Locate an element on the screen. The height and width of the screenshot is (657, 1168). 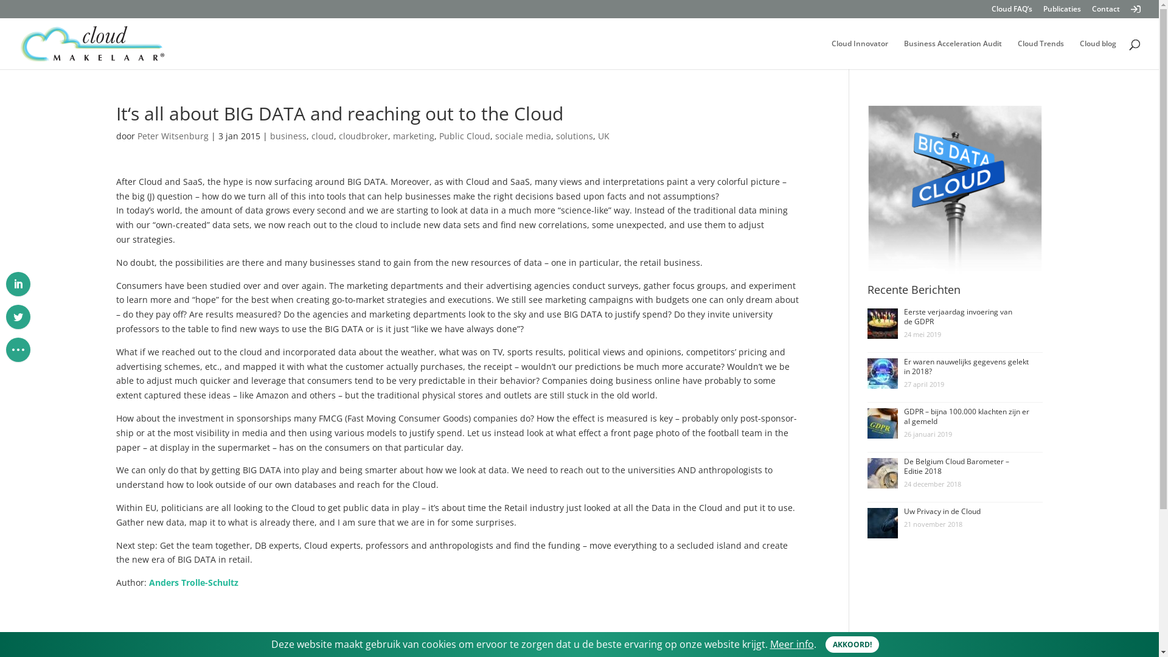
'solutions' is located at coordinates (574, 136).